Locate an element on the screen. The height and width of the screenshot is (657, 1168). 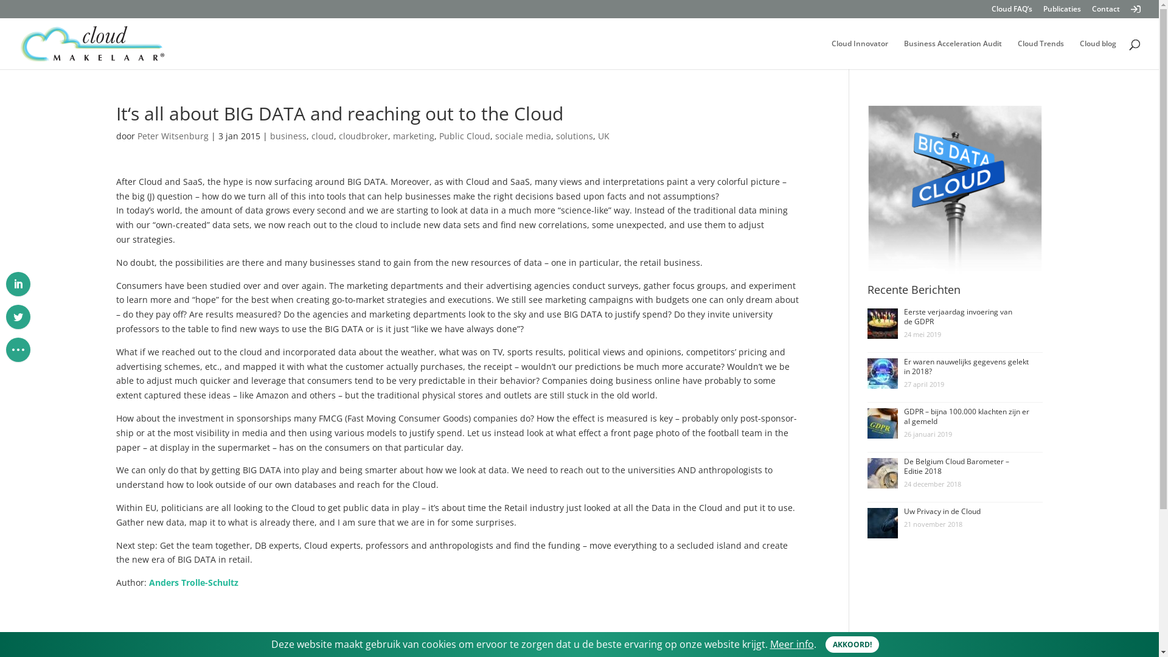
'solutions' is located at coordinates (574, 136).